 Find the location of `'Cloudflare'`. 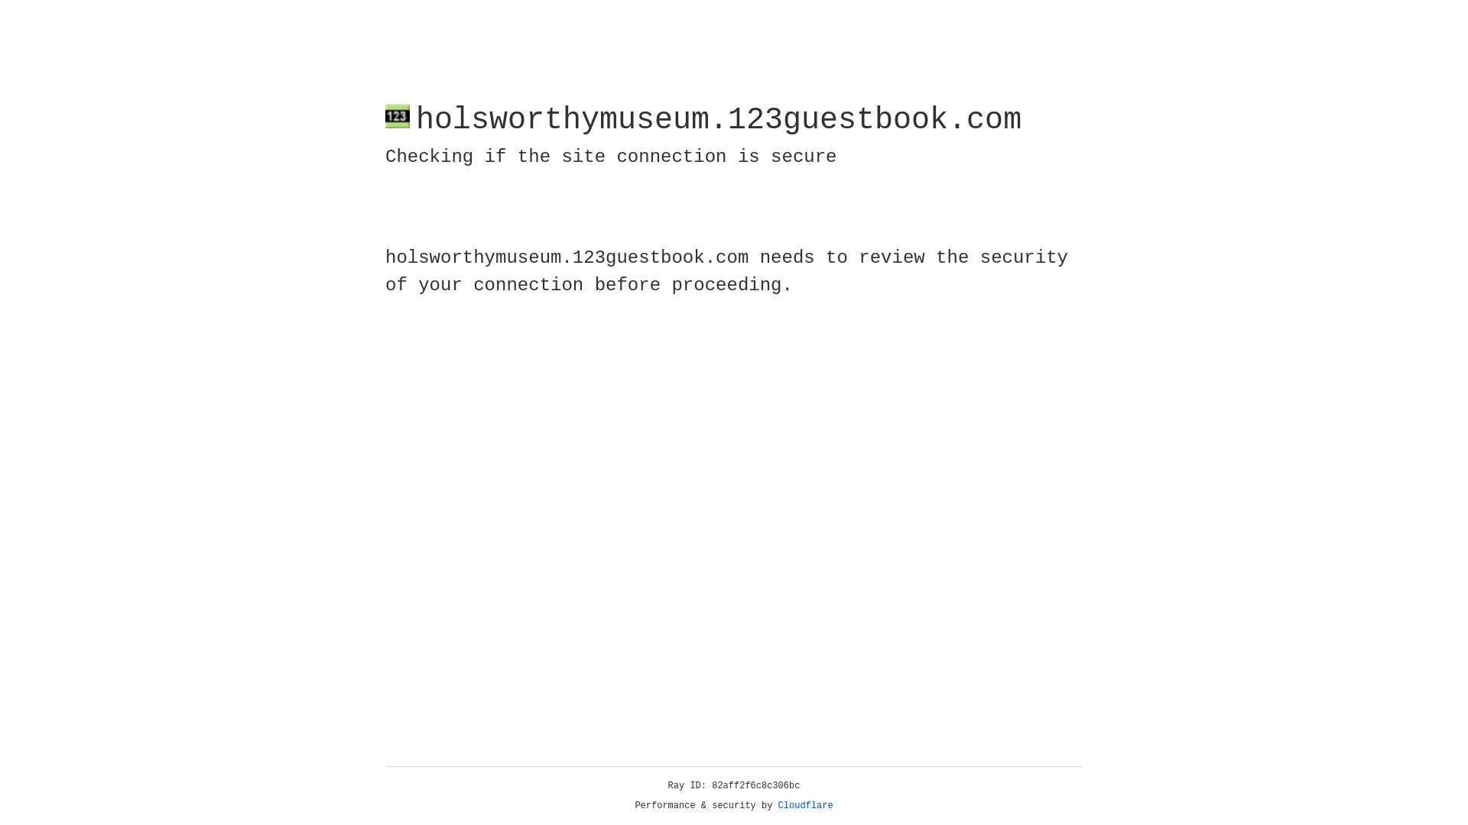

'Cloudflare' is located at coordinates (805, 805).